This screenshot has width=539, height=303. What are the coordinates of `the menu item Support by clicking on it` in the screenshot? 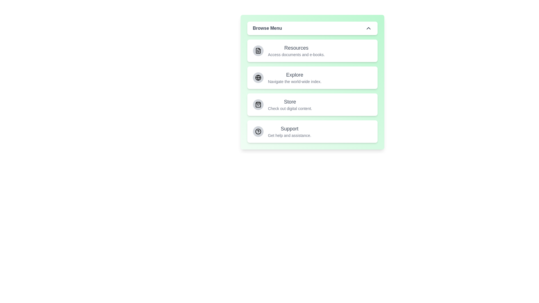 It's located at (312, 132).